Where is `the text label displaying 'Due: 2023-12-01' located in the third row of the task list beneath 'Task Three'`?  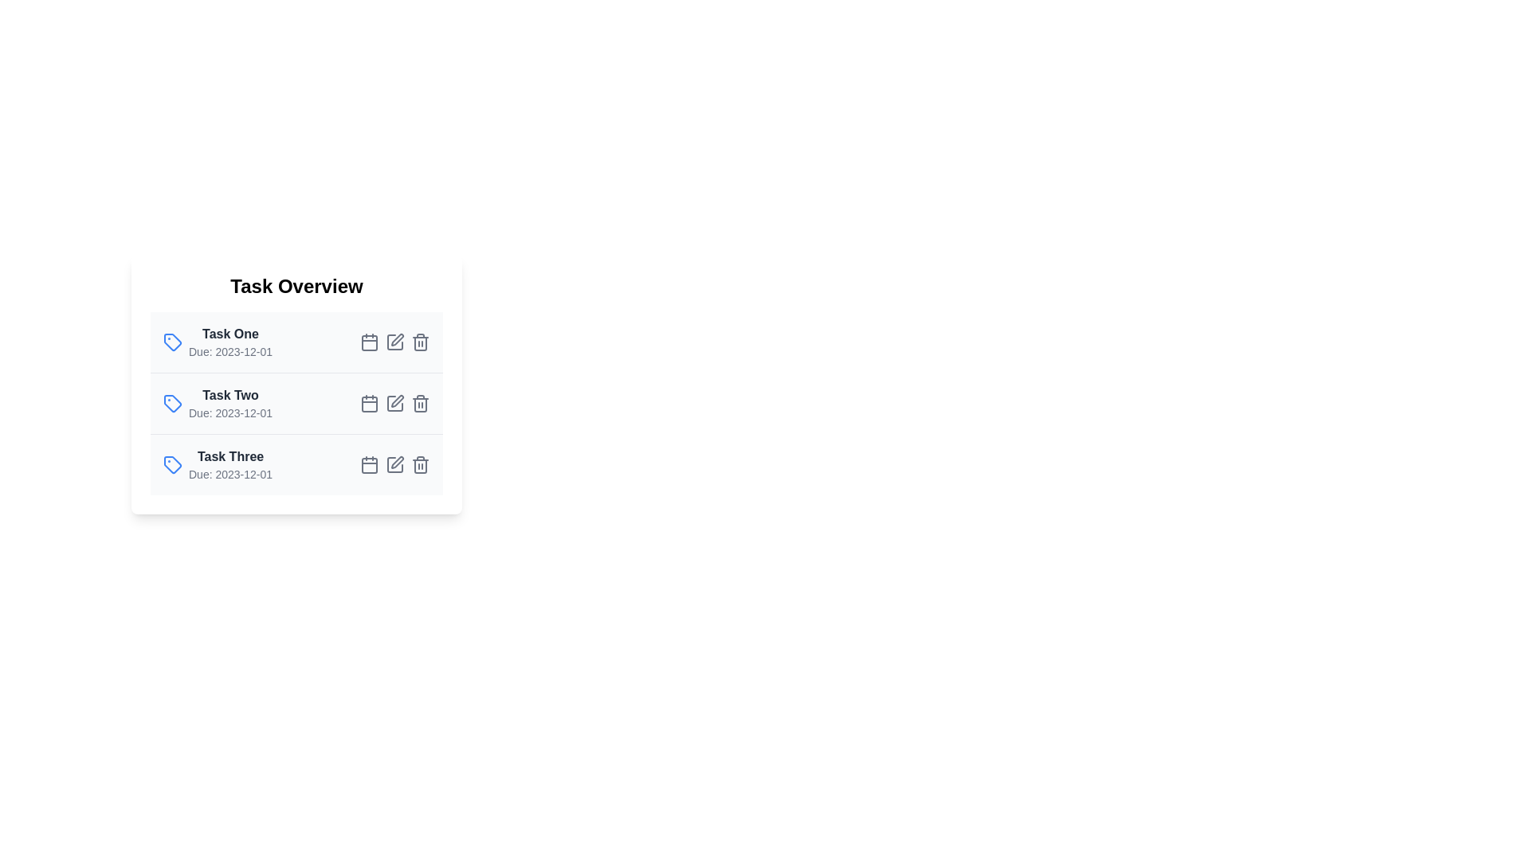 the text label displaying 'Due: 2023-12-01' located in the third row of the task list beneath 'Task Three' is located at coordinates (229, 474).